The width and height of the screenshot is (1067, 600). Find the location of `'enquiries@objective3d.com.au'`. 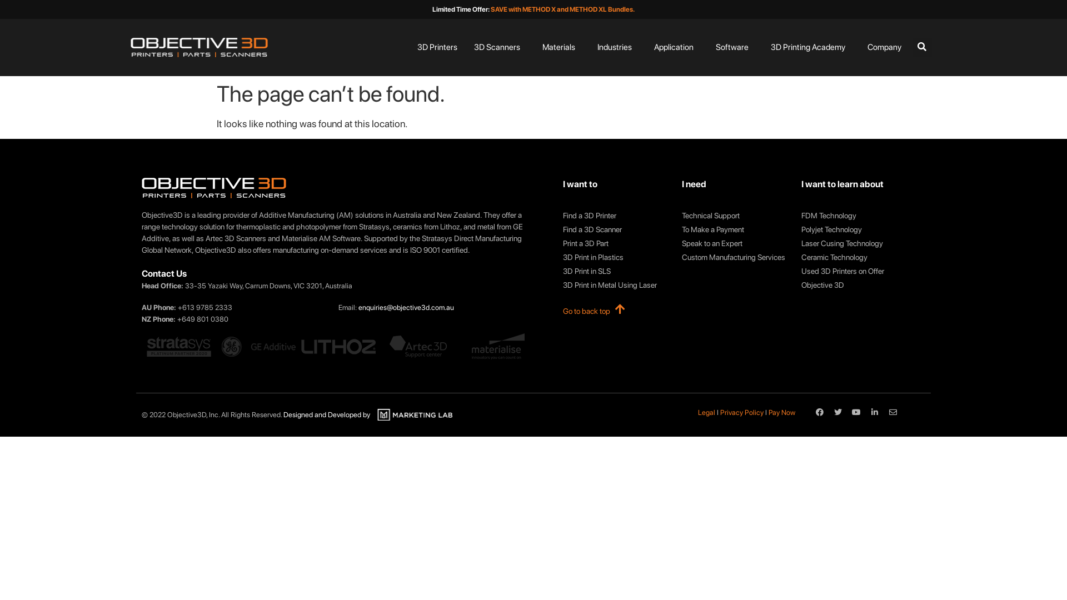

'enquiries@objective3d.com.au' is located at coordinates (405, 307).